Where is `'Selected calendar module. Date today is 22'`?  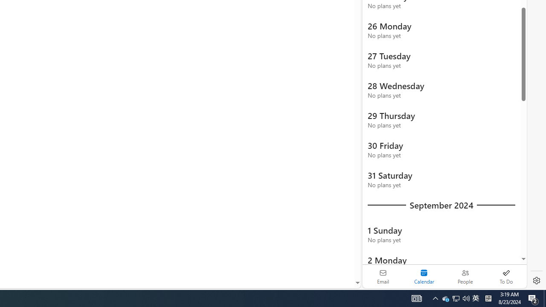
'Selected calendar module. Date today is 22' is located at coordinates (424, 276).